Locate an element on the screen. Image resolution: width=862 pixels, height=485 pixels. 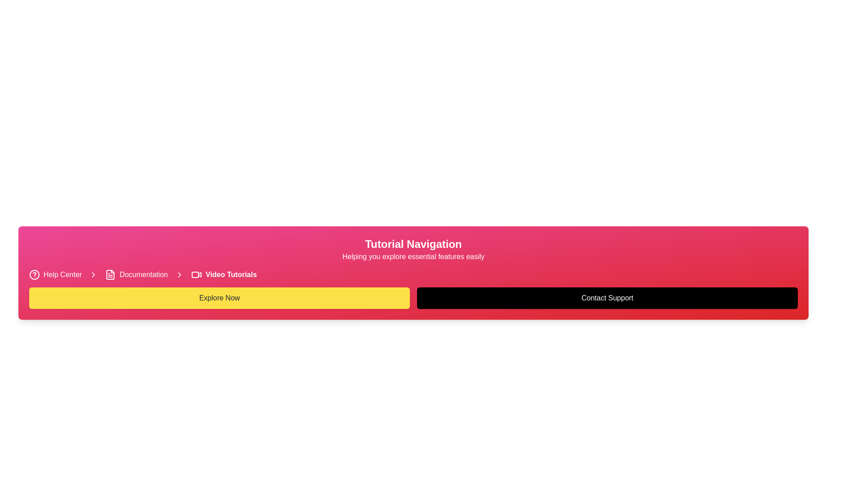
the hyperlink next to the question mark icon in the lower left section of the interface is located at coordinates (62, 274).